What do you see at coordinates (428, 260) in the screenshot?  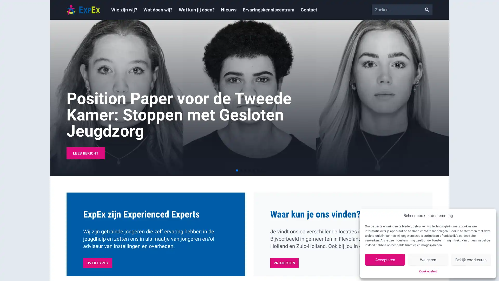 I see `Weigeren` at bounding box center [428, 260].